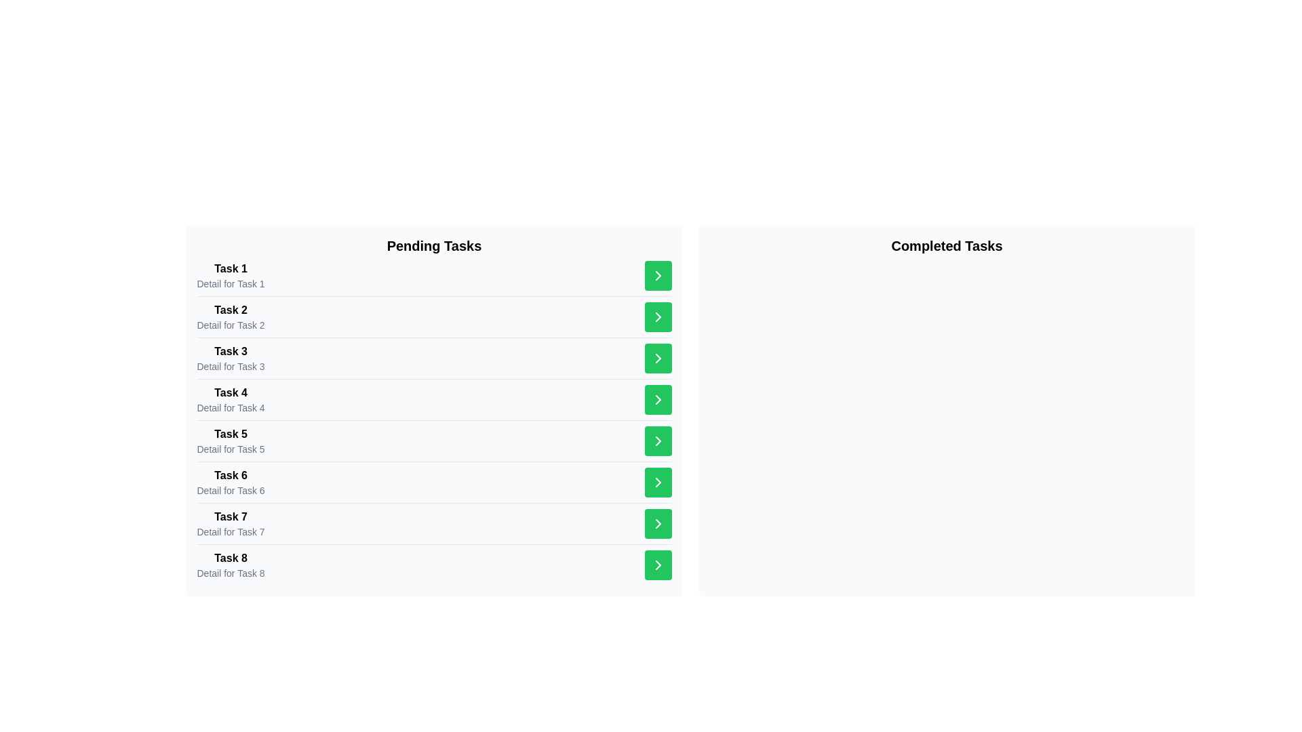  I want to click on text of the List Item with Title and Description located in the fourth position under the 'Pending Tasks' section, so click(231, 399).